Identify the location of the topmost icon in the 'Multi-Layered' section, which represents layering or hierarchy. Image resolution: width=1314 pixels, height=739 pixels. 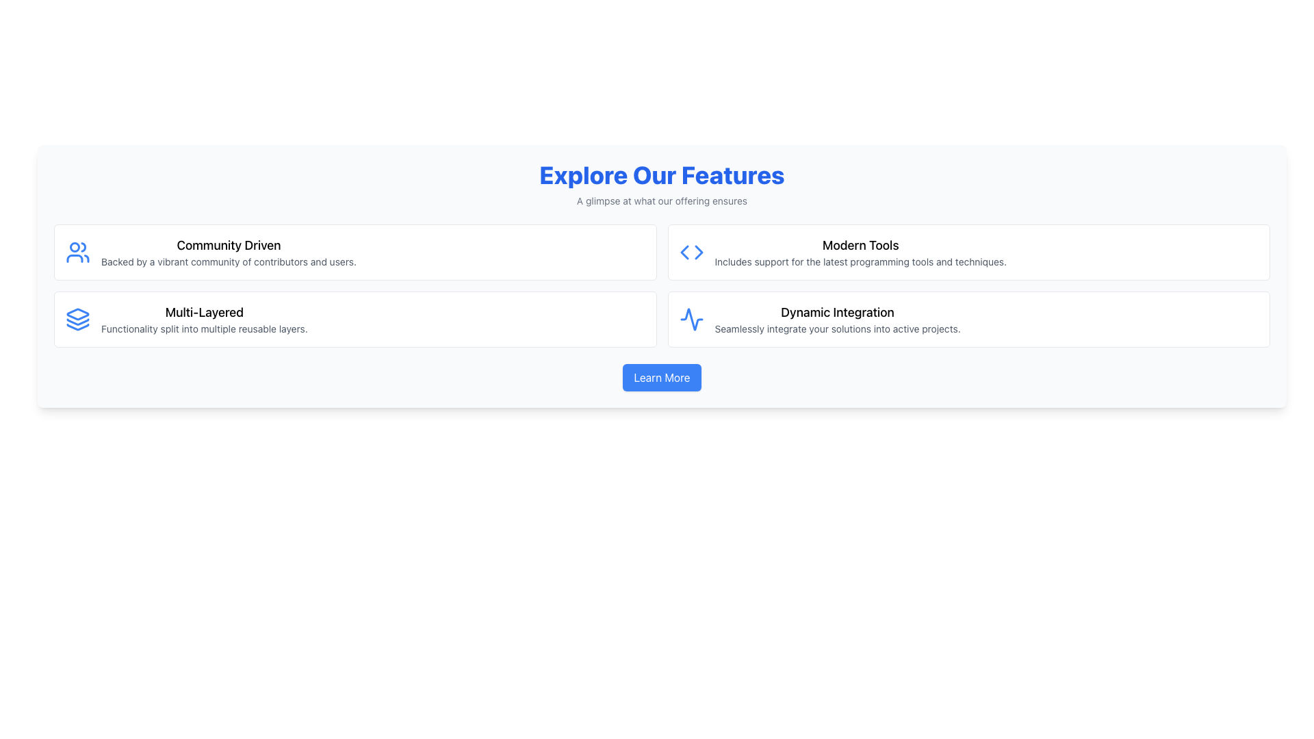
(77, 314).